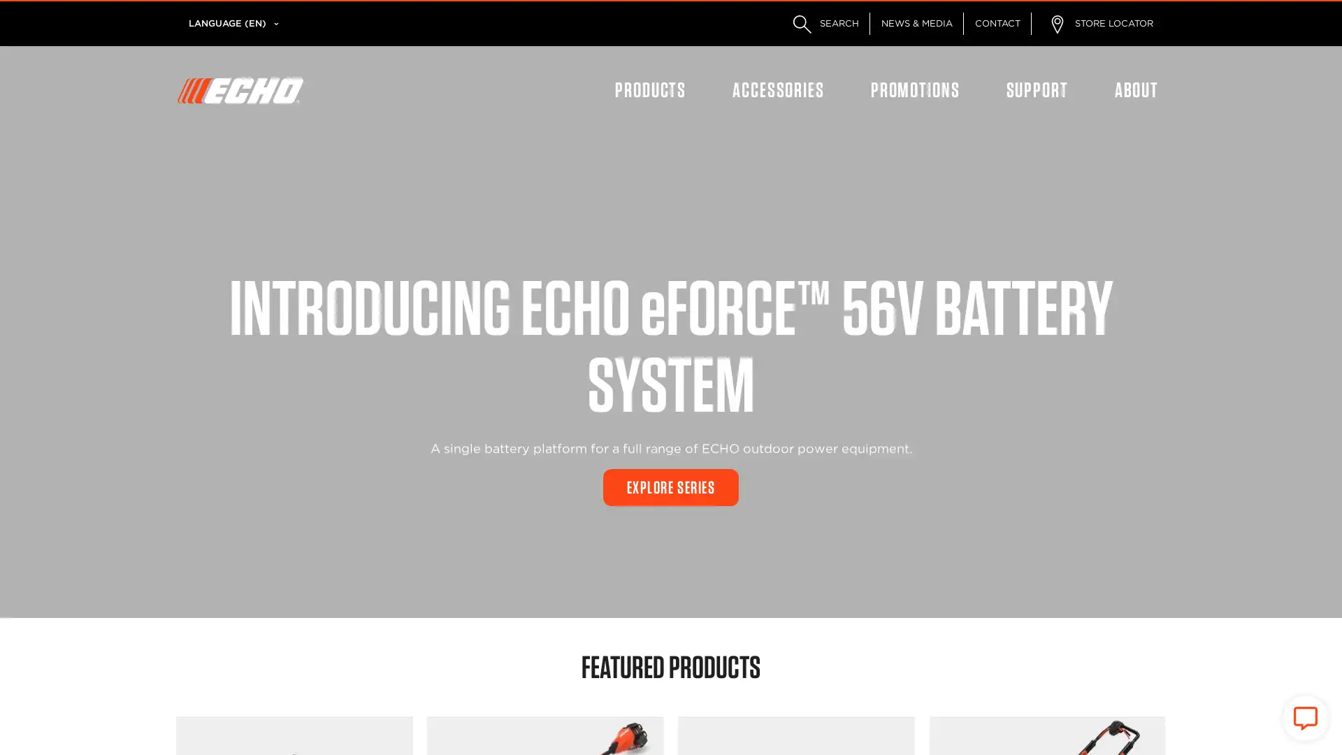 This screenshot has width=1342, height=755. I want to click on Chat with our Experts, so click(1304, 719).